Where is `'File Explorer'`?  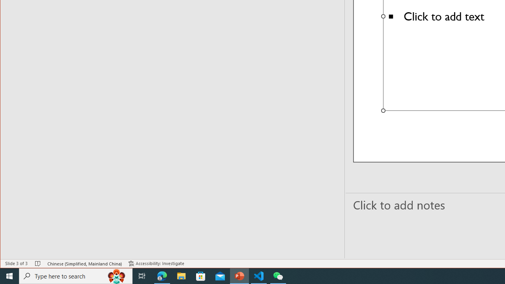
'File Explorer' is located at coordinates (181, 275).